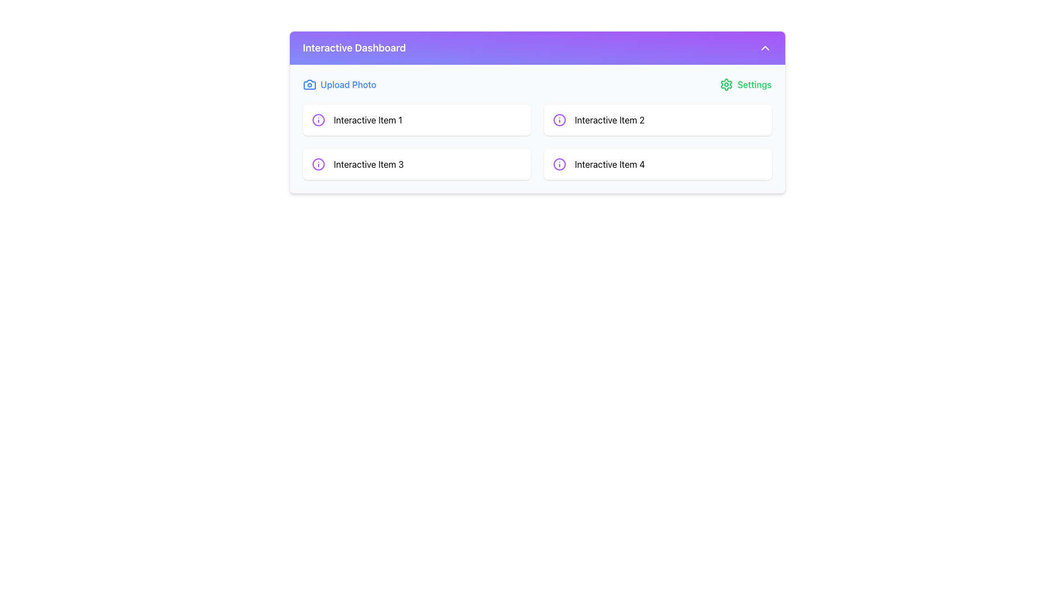 Image resolution: width=1064 pixels, height=598 pixels. I want to click on the informational icon located to the left of 'Interactive Item 2' in the top-right card of the grid layout, so click(559, 120).